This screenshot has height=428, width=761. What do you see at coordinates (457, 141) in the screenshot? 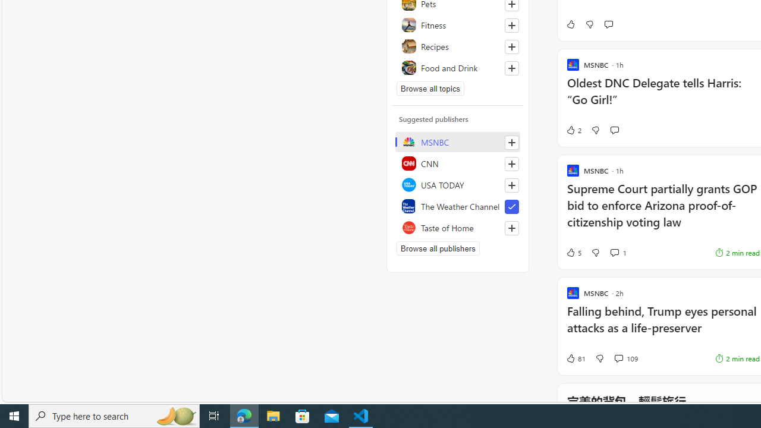
I see `'MSNBC'` at bounding box center [457, 141].